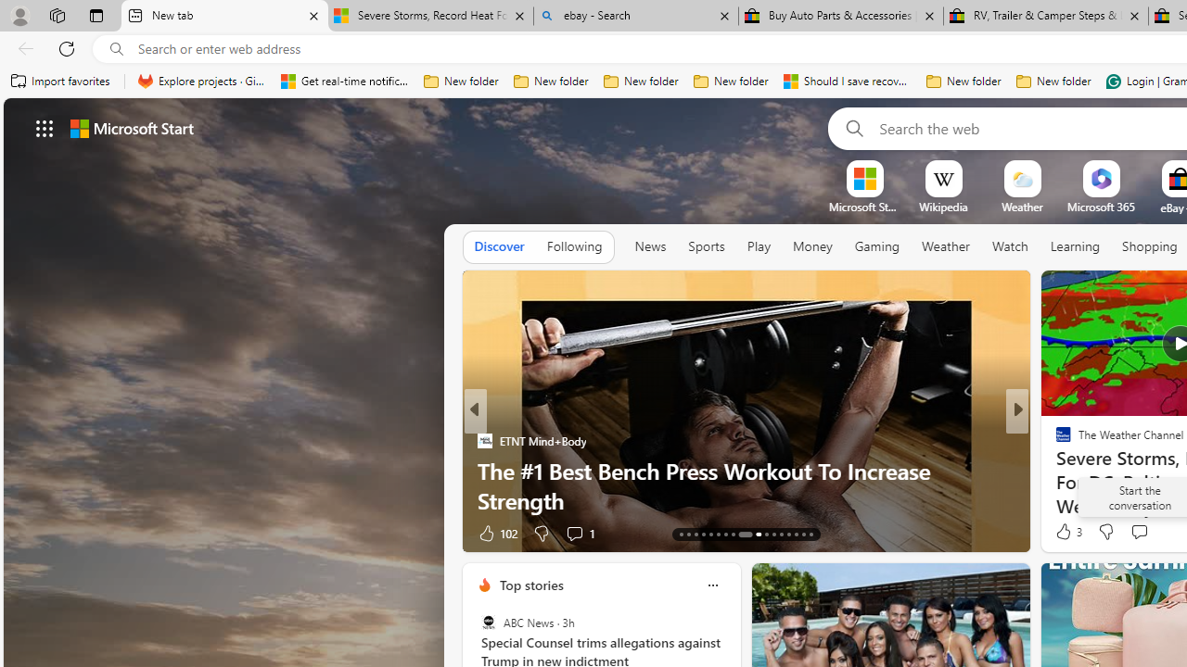  Describe the element at coordinates (943, 207) in the screenshot. I see `'Wikipedia'` at that location.